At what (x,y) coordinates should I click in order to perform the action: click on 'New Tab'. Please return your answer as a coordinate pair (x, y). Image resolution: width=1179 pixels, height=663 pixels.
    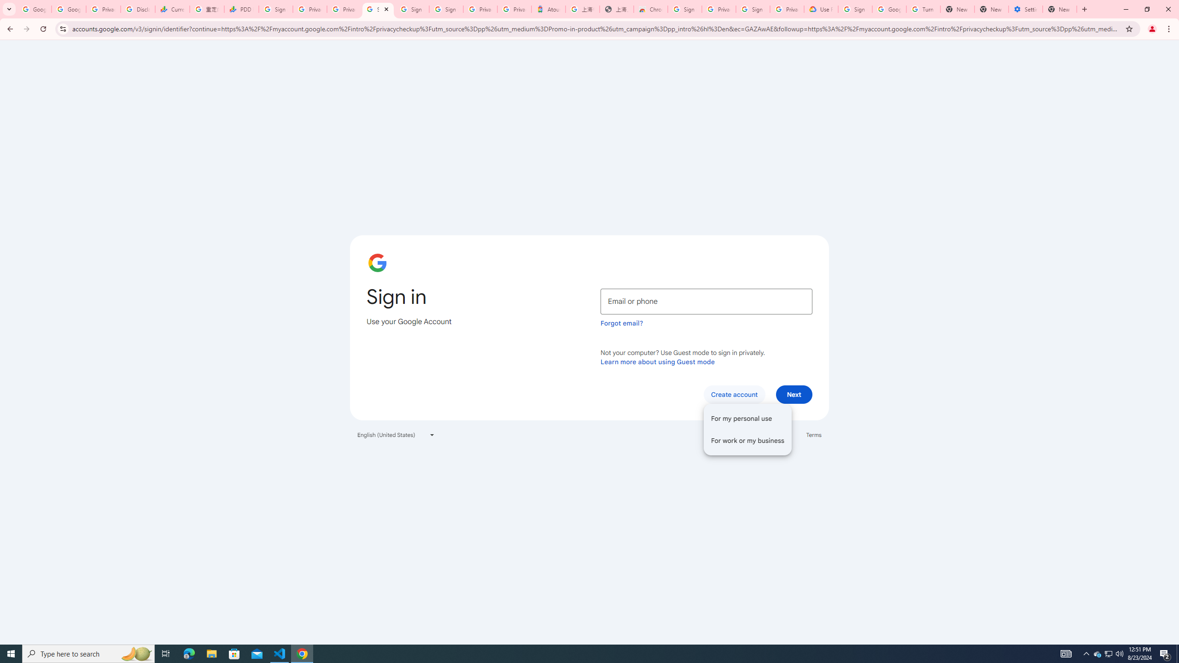
    Looking at the image, I should click on (1059, 9).